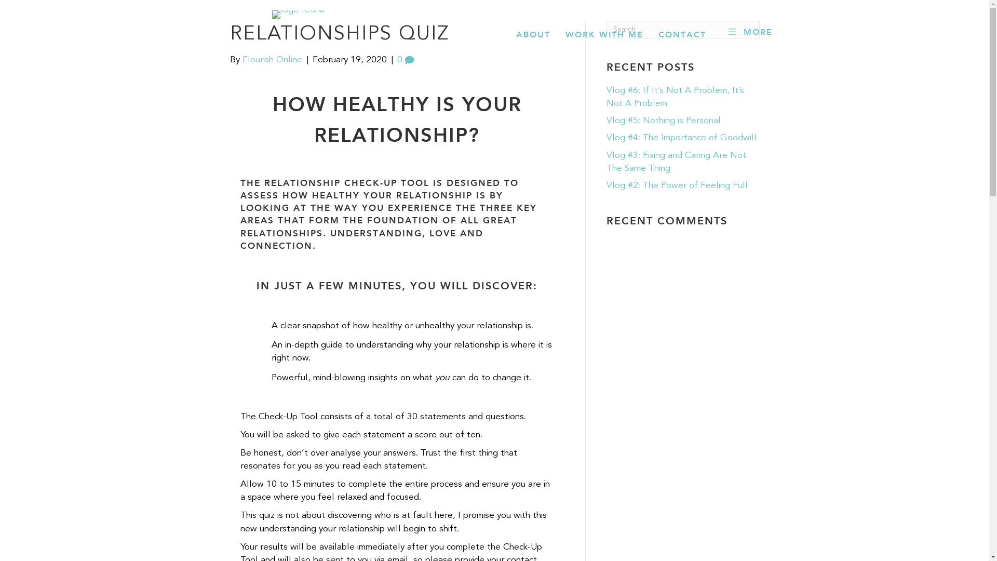 The width and height of the screenshot is (997, 561). Describe the element at coordinates (298, 14) in the screenshot. I see `'logo-retina'` at that location.